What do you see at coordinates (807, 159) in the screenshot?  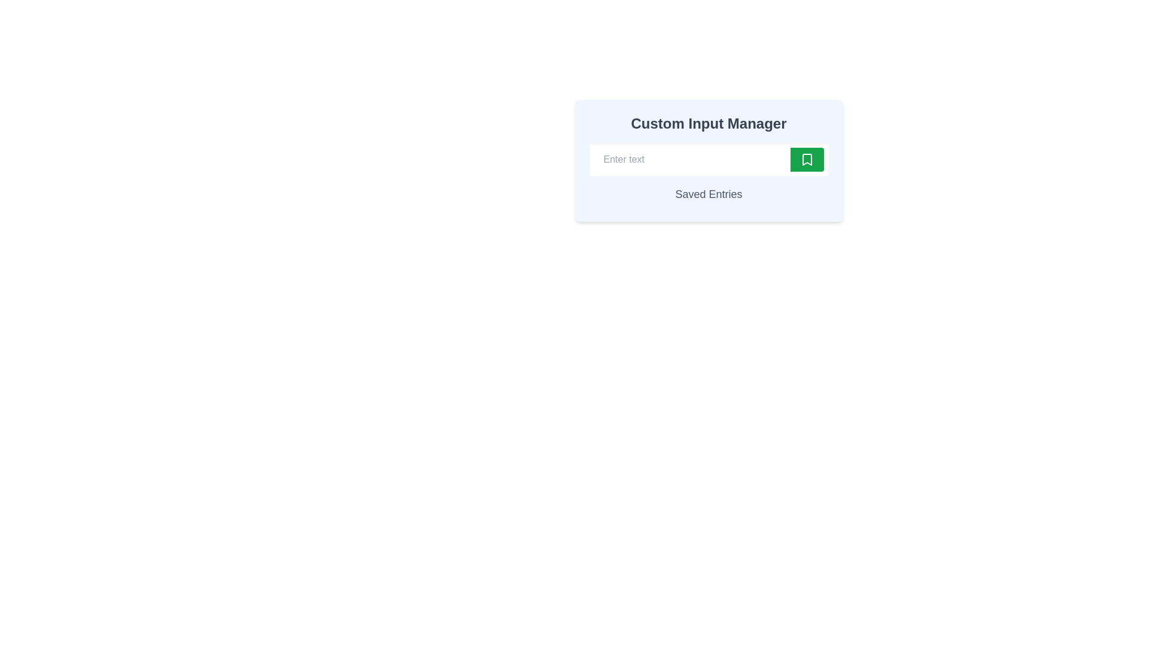 I see `the green button with rounded corners and a bookmark icon` at bounding box center [807, 159].